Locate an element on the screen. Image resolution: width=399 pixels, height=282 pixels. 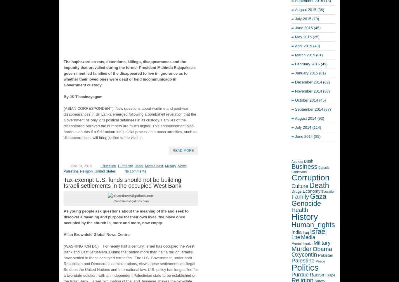
'Mental_health' is located at coordinates (301, 243).